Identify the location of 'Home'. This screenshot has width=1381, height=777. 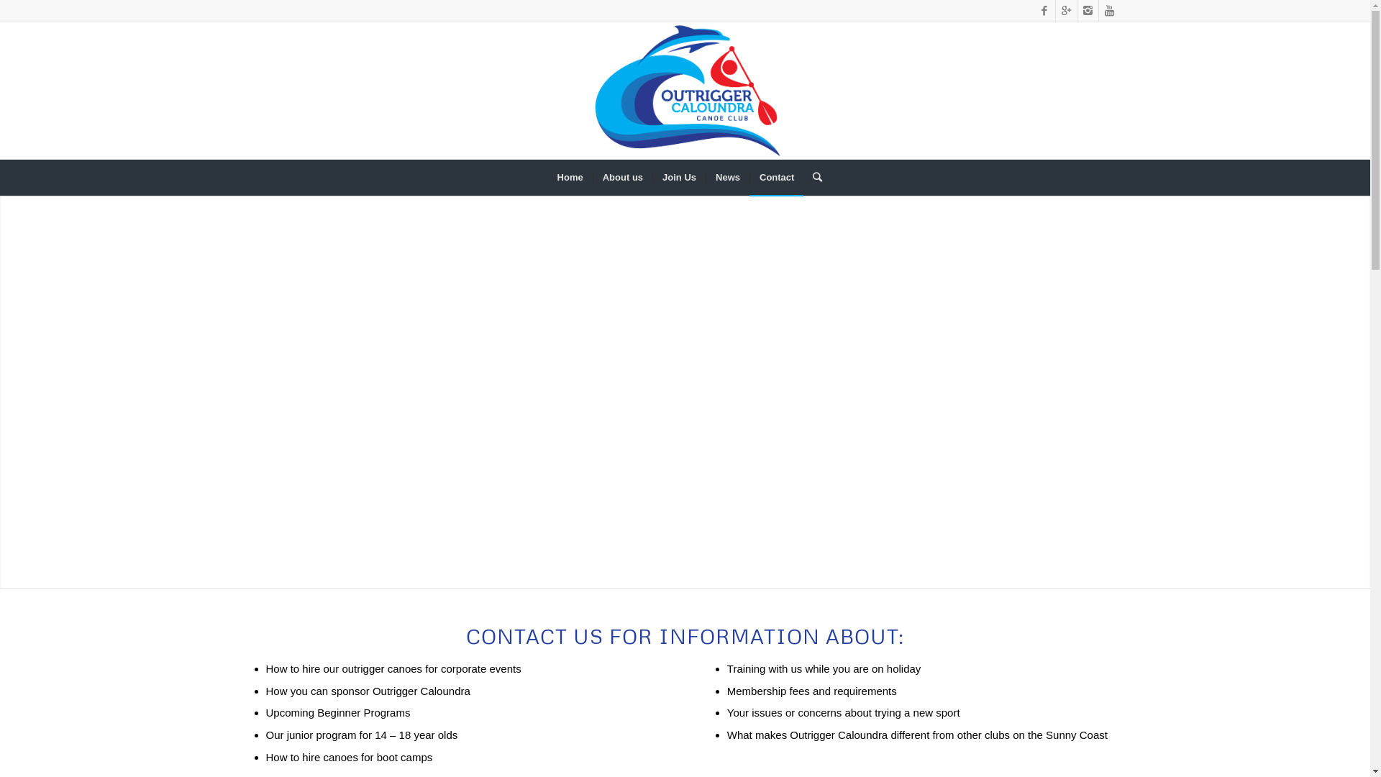
(569, 176).